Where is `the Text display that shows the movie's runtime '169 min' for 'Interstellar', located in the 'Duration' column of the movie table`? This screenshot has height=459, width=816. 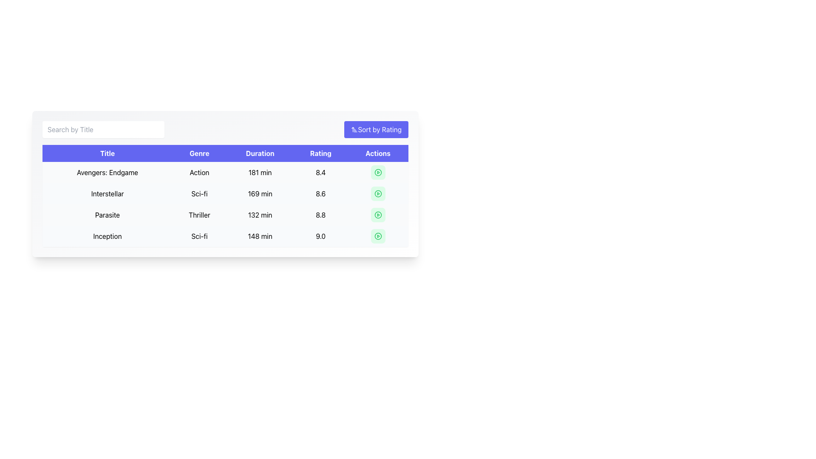
the Text display that shows the movie's runtime '169 min' for 'Interstellar', located in the 'Duration' column of the movie table is located at coordinates (260, 193).